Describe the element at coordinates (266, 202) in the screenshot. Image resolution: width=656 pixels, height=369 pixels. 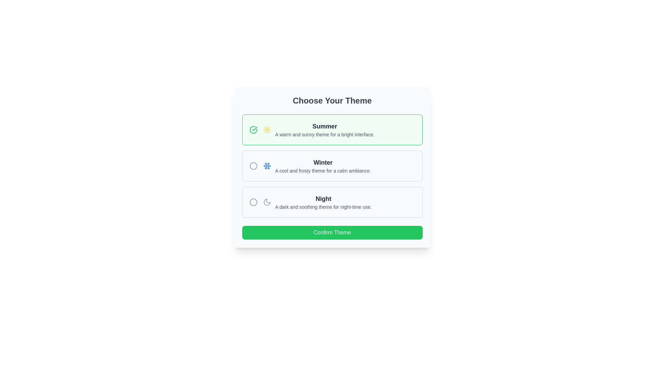
I see `the crescent moon icon representing the 'Night' theme option` at that location.